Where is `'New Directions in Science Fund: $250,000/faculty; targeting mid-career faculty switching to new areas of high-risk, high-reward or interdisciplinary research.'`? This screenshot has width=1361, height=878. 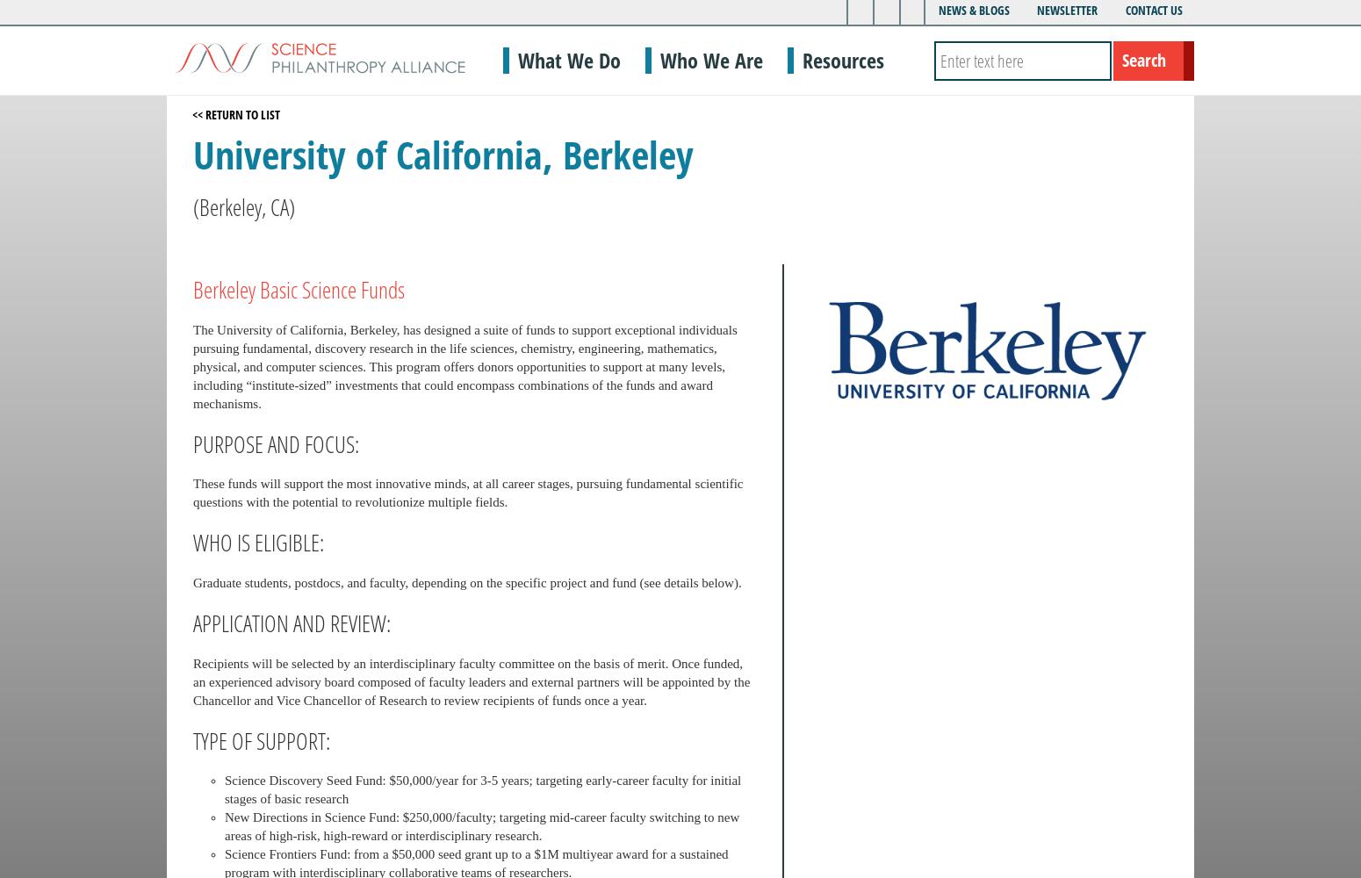 'New Directions in Science Fund: $250,000/faculty; targeting mid-career faculty switching to new areas of high-risk, high-reward or interdisciplinary research.' is located at coordinates (482, 825).